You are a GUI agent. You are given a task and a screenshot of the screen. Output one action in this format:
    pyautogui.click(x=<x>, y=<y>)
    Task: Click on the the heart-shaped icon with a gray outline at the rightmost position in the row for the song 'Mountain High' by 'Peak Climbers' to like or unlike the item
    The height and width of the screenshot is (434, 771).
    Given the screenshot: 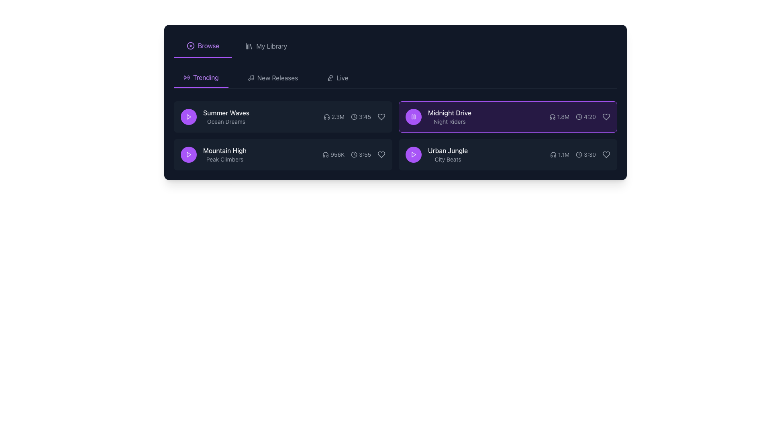 What is the action you would take?
    pyautogui.click(x=381, y=155)
    